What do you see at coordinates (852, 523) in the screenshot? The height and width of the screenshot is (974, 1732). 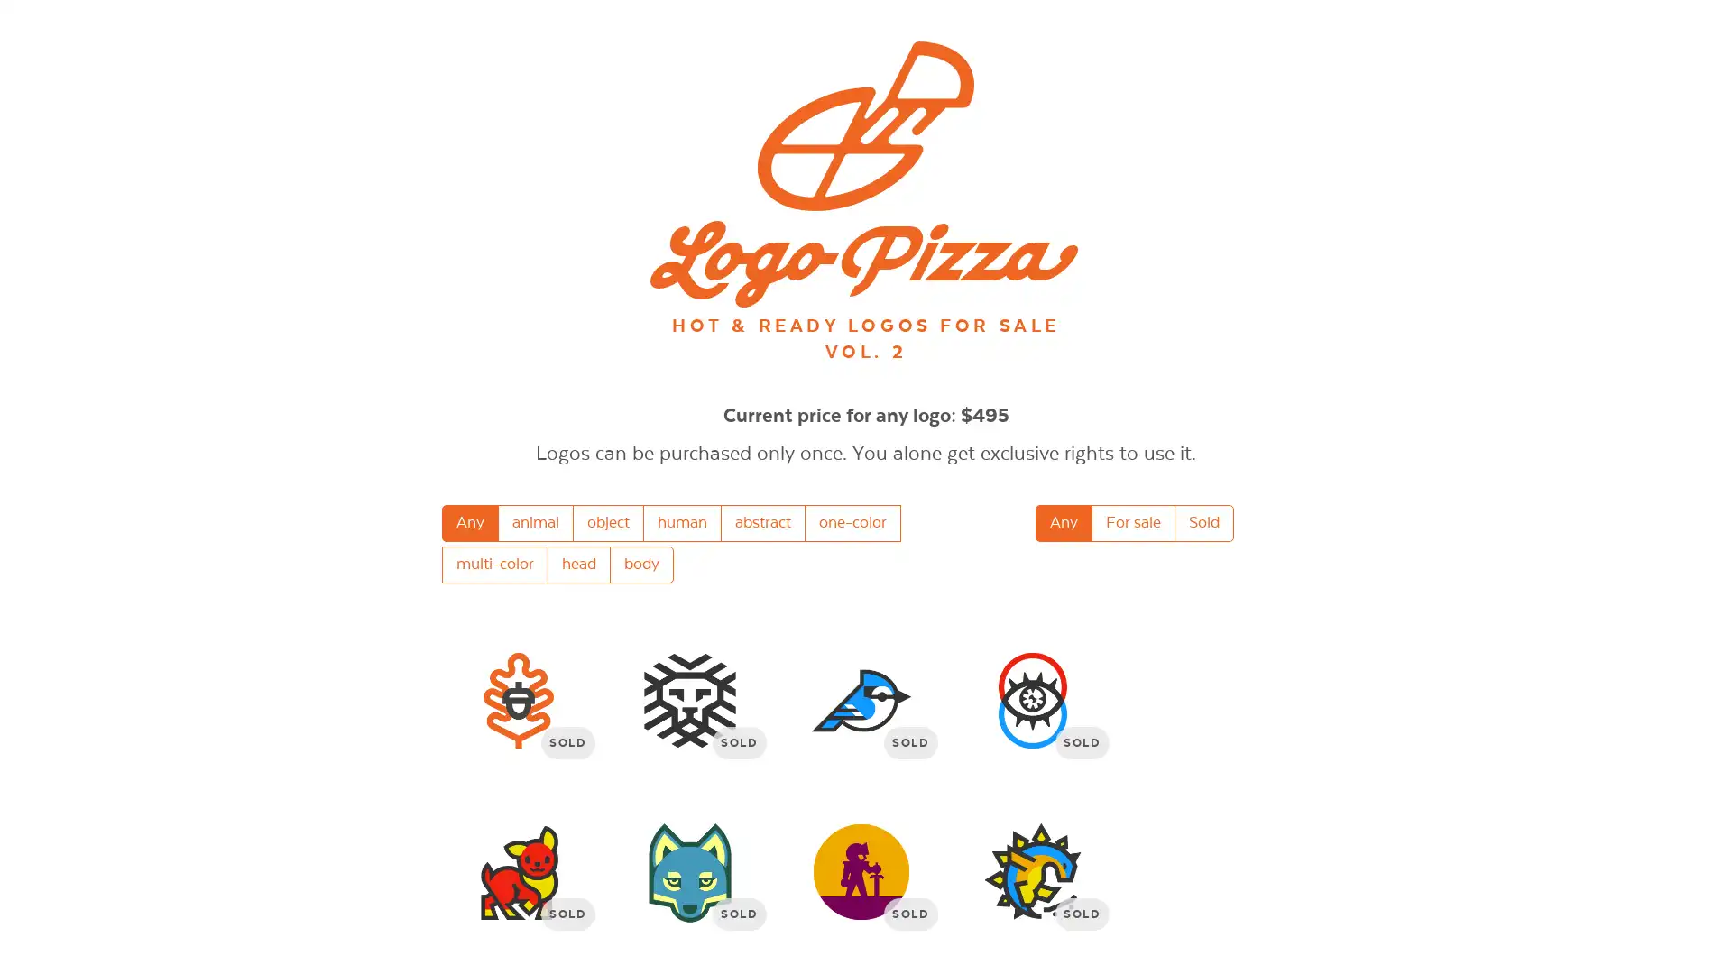 I see `one-color` at bounding box center [852, 523].